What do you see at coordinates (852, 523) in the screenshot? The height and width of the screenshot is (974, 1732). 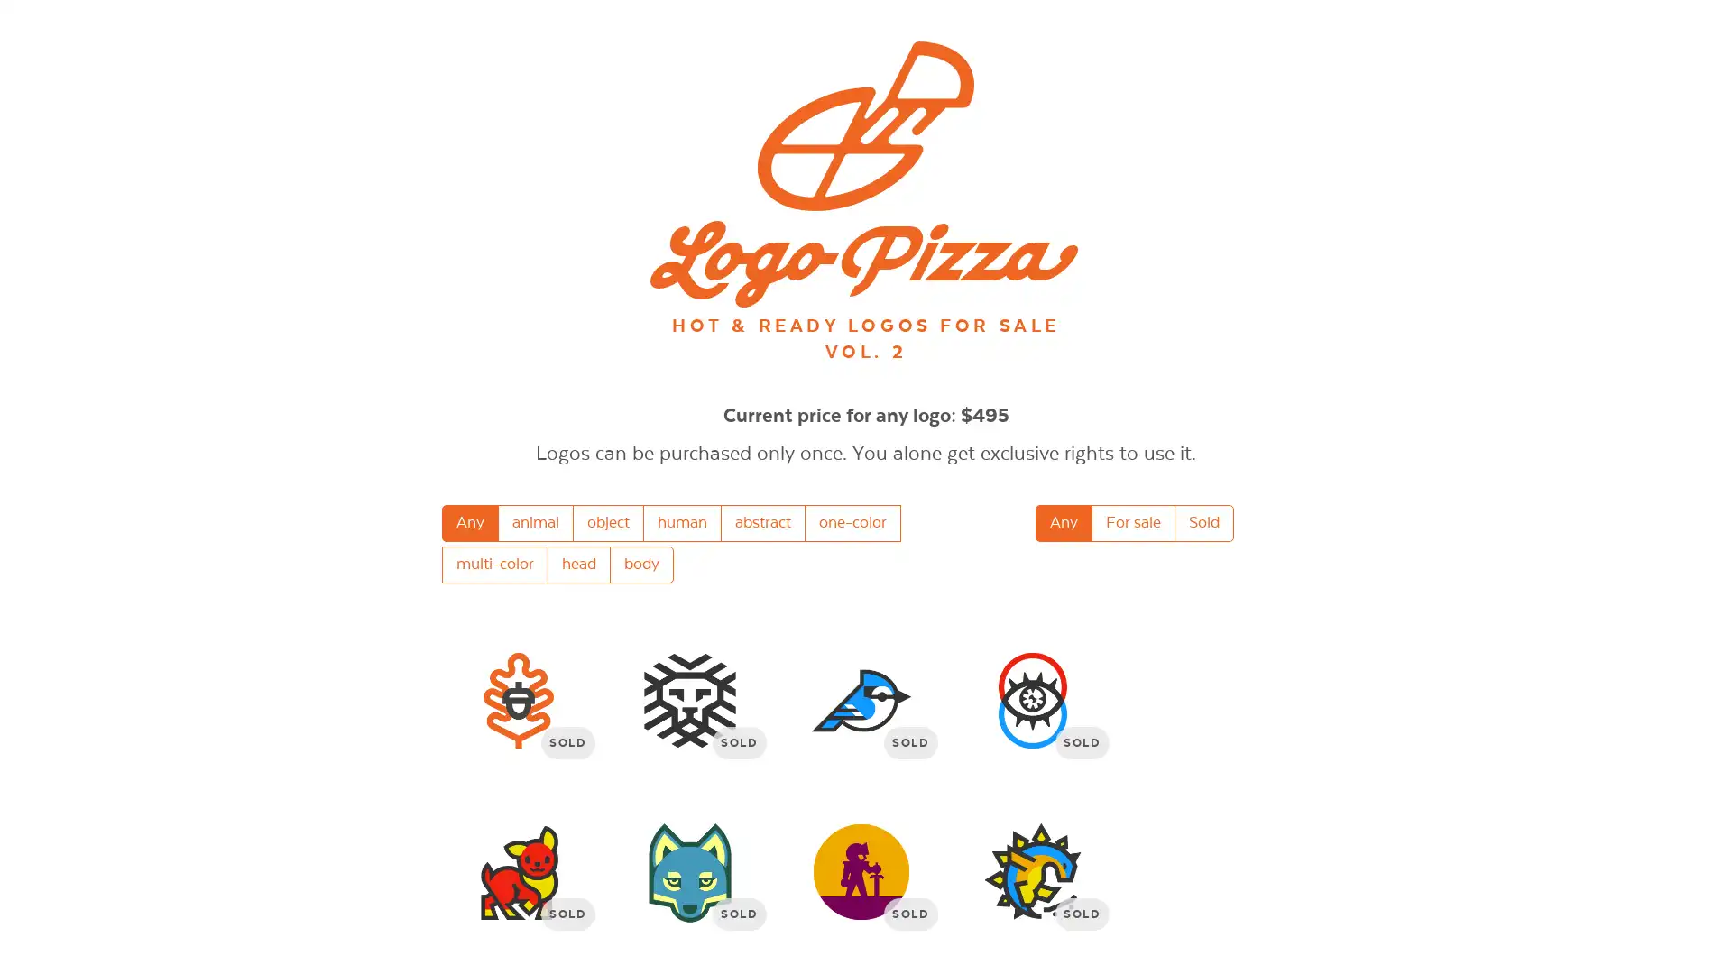 I see `one-color` at bounding box center [852, 523].